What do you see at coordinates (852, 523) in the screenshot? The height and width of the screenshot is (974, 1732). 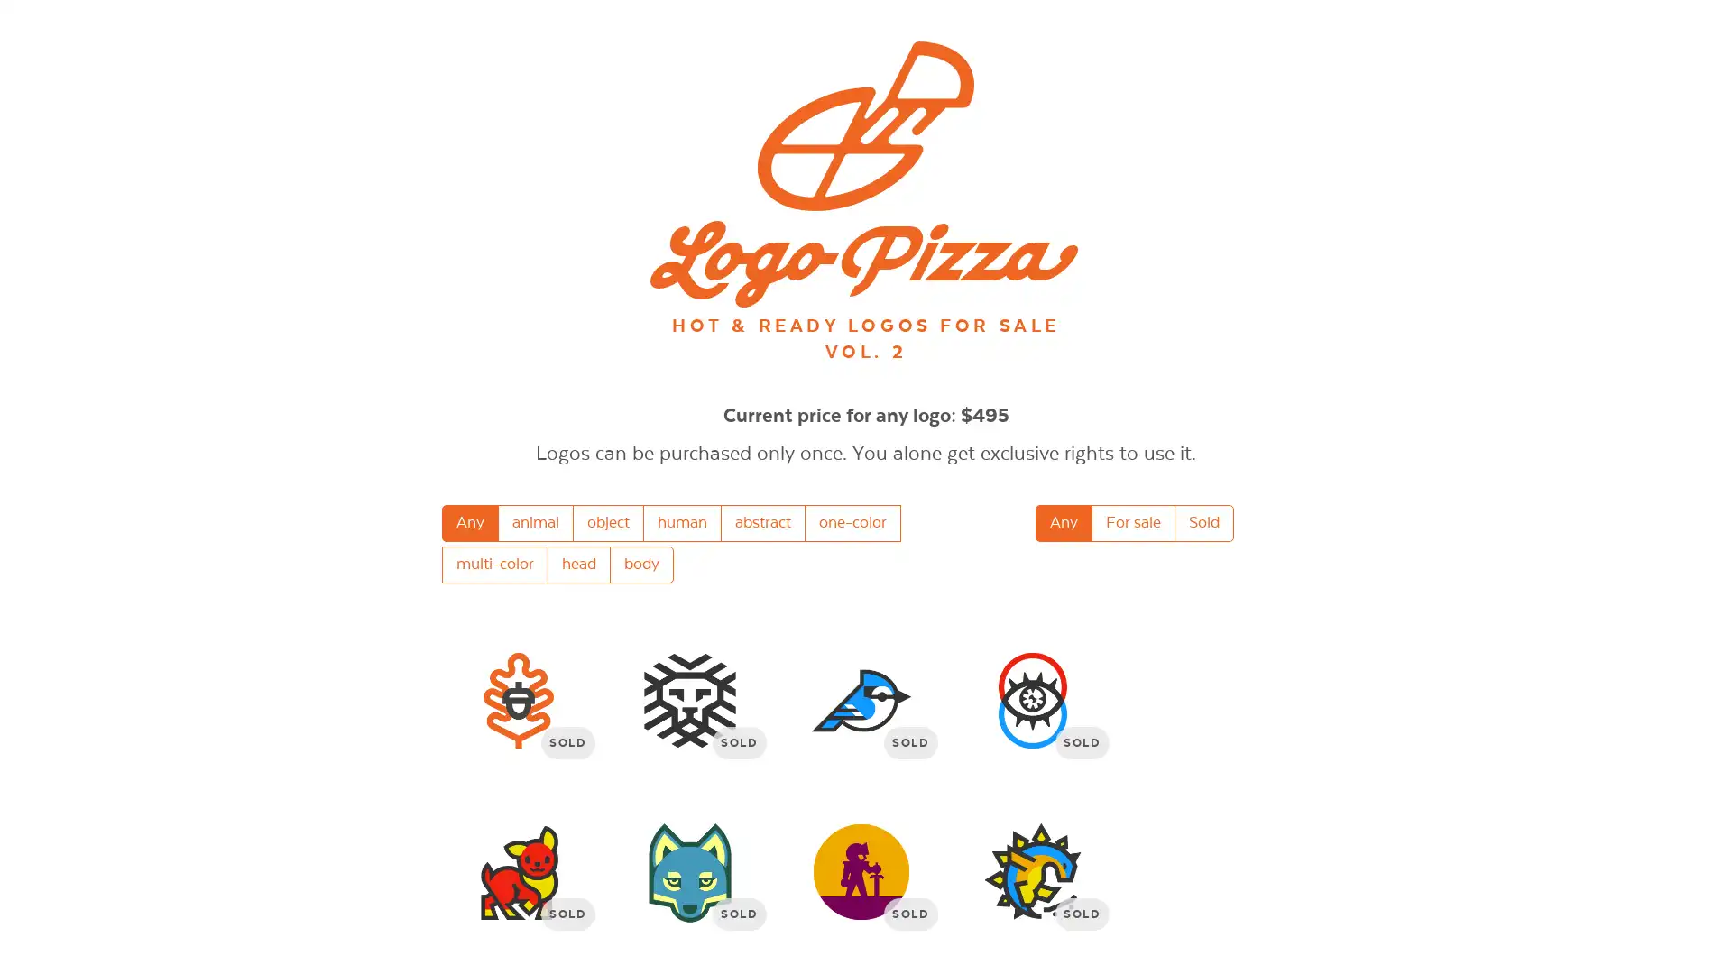 I see `one-color` at bounding box center [852, 523].